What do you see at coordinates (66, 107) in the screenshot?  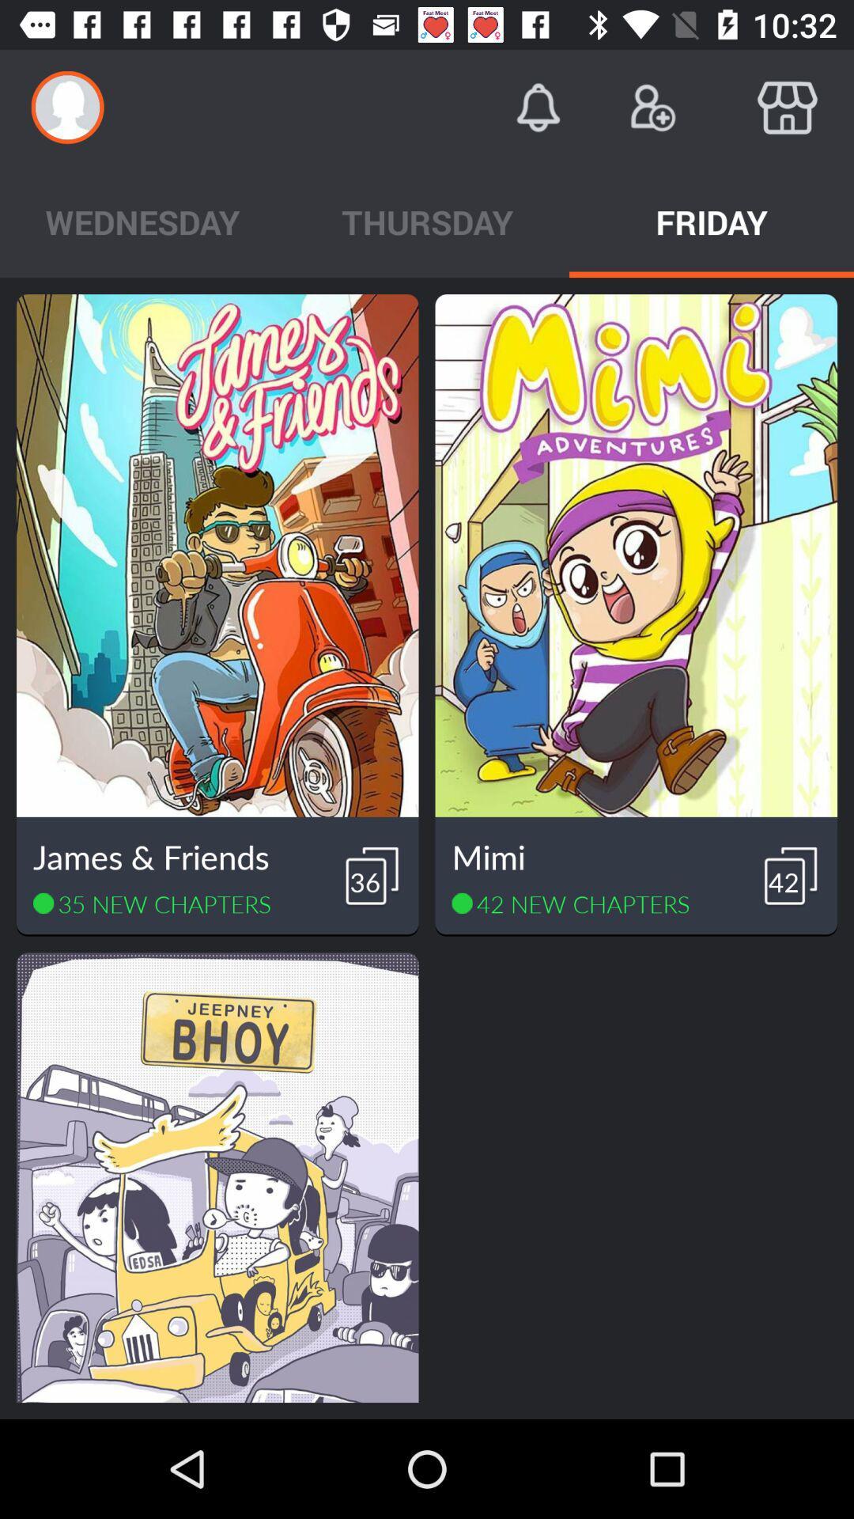 I see `icon above the wednesday` at bounding box center [66, 107].